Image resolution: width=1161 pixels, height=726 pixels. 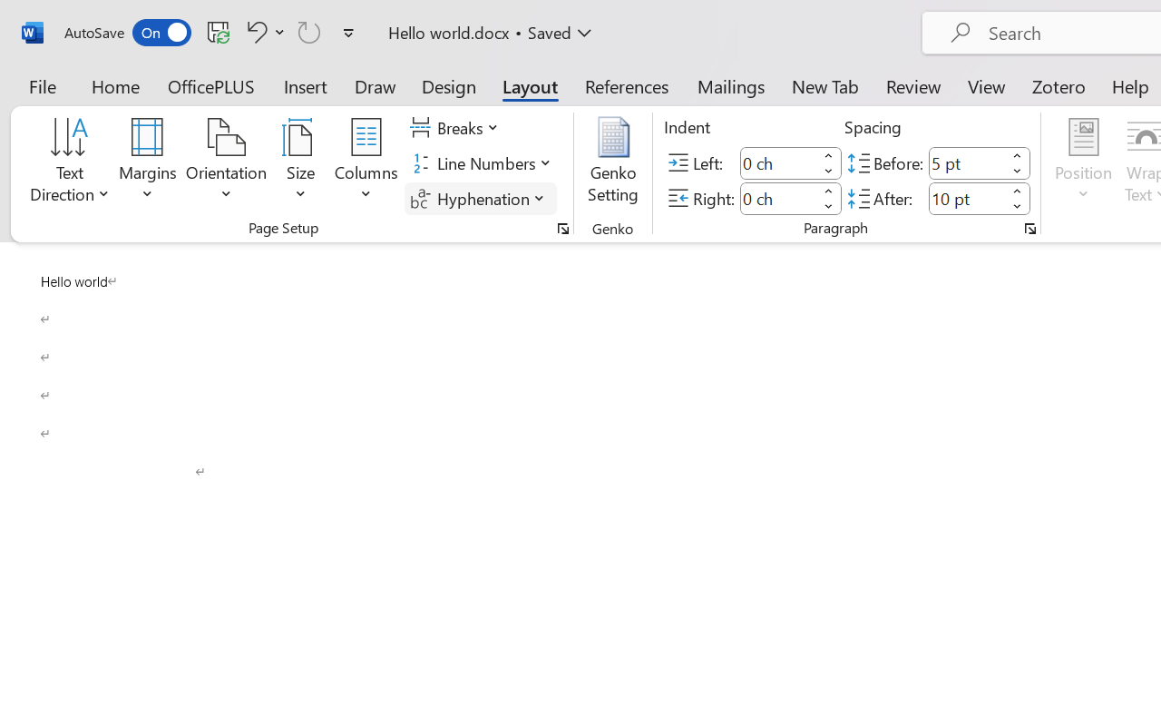 I want to click on 'Columns', so click(x=366, y=162).